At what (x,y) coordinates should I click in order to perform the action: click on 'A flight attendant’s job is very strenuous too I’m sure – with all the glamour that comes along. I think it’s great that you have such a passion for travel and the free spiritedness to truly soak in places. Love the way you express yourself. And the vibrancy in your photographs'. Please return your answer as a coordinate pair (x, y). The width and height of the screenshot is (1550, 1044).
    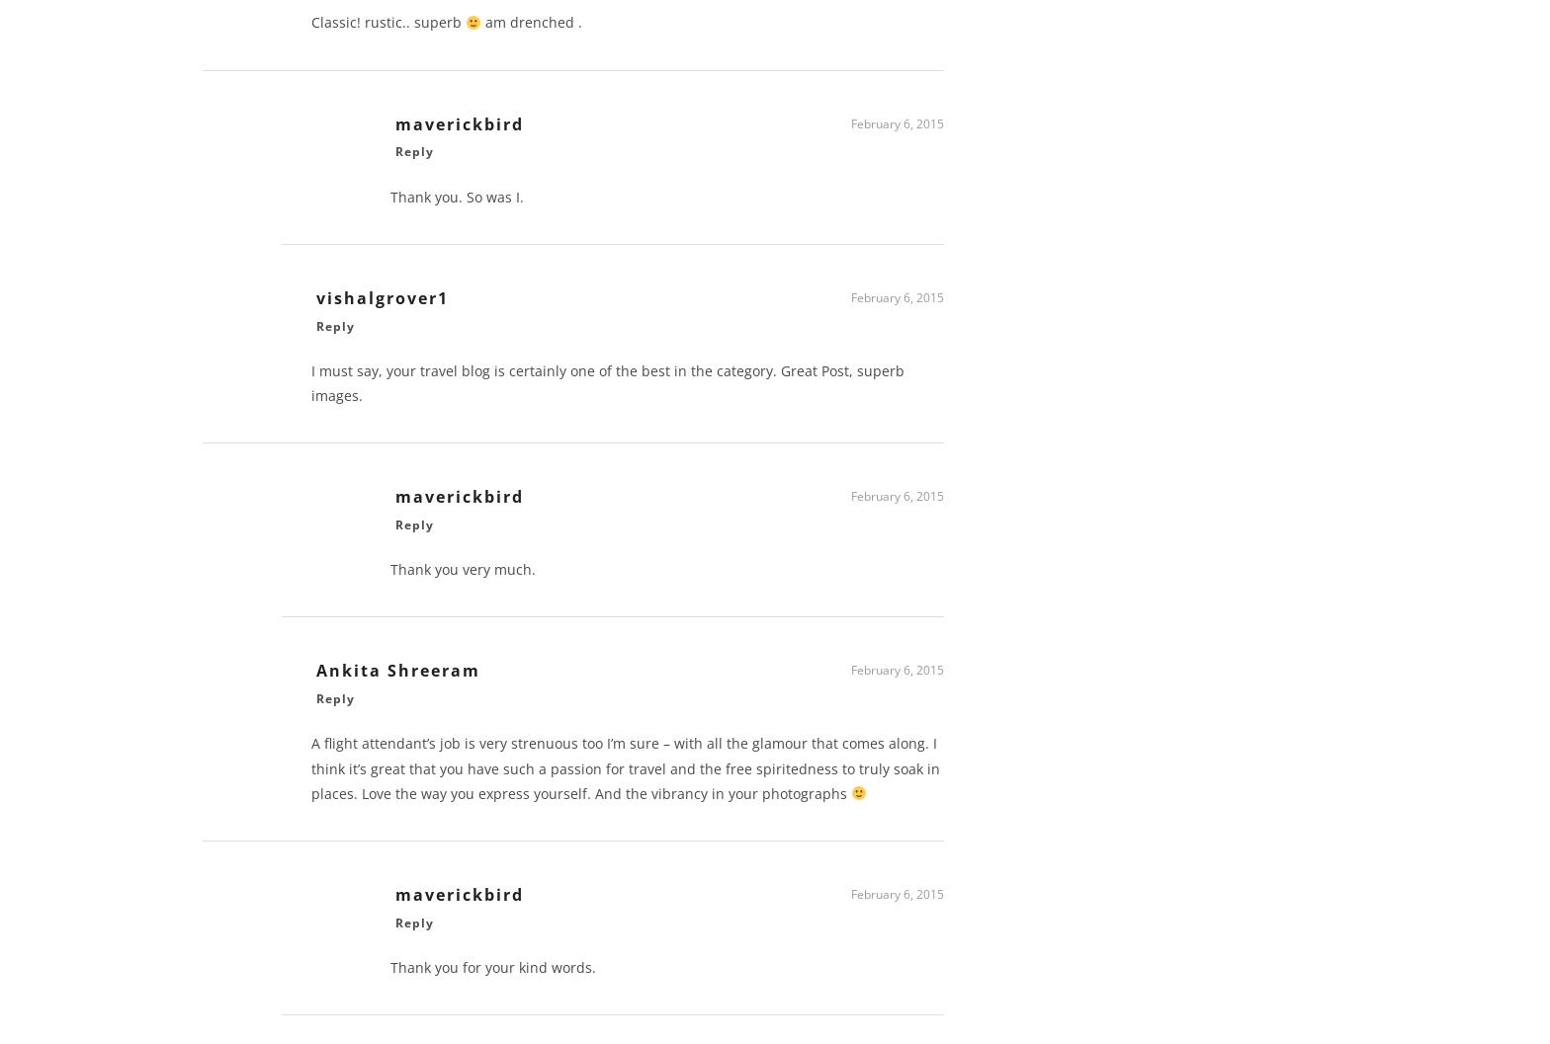
    Looking at the image, I should click on (626, 775).